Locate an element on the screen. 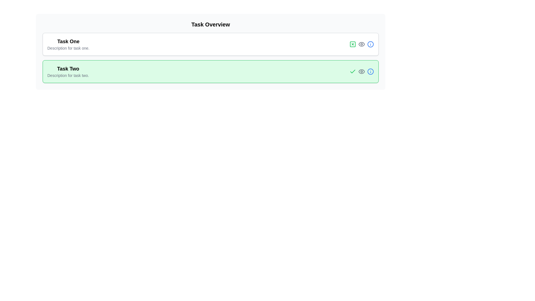 Image resolution: width=535 pixels, height=301 pixels. the eye-shaped icon button, which is the third element from the left in the upper task list interface, representing visibility functionalities is located at coordinates (361, 44).